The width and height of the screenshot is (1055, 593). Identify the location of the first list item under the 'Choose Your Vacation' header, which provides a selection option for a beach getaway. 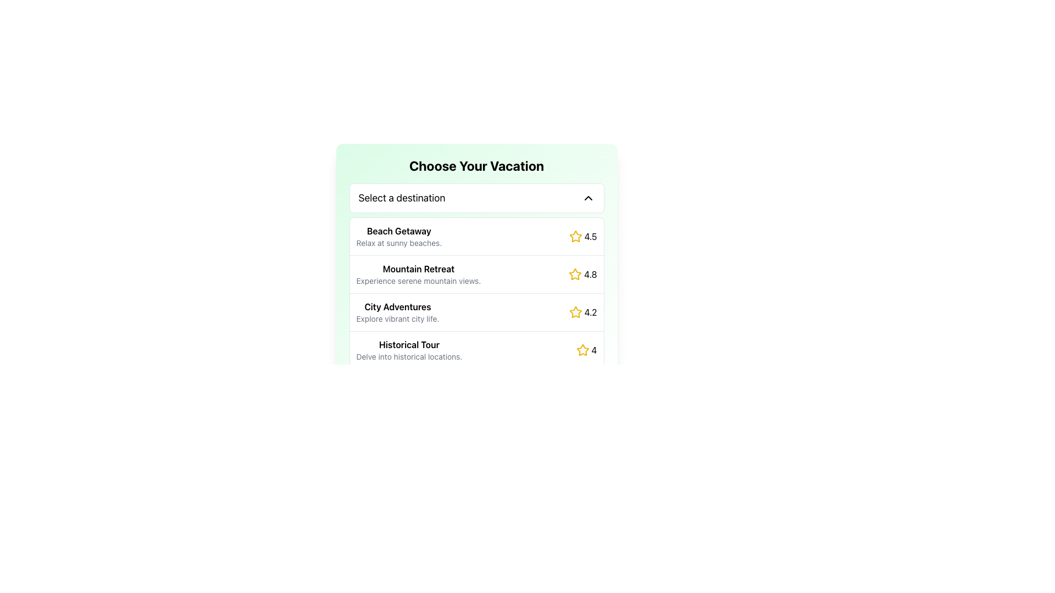
(398, 236).